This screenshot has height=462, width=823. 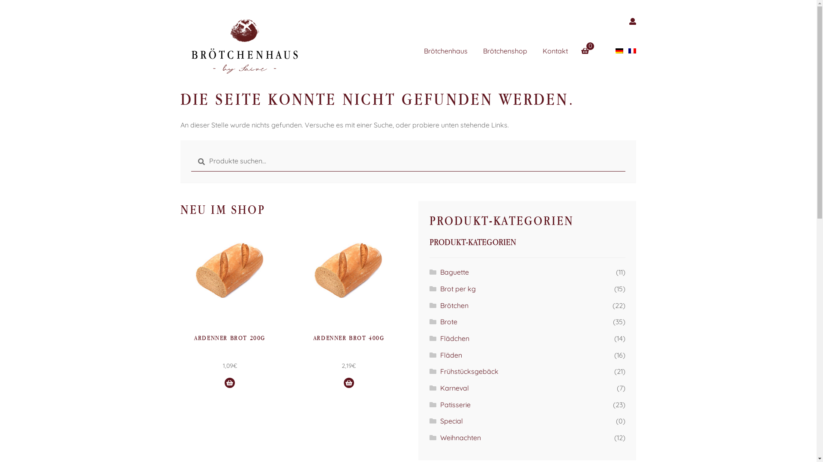 What do you see at coordinates (180, 13) in the screenshot?
I see `'Zur Navigation springen'` at bounding box center [180, 13].